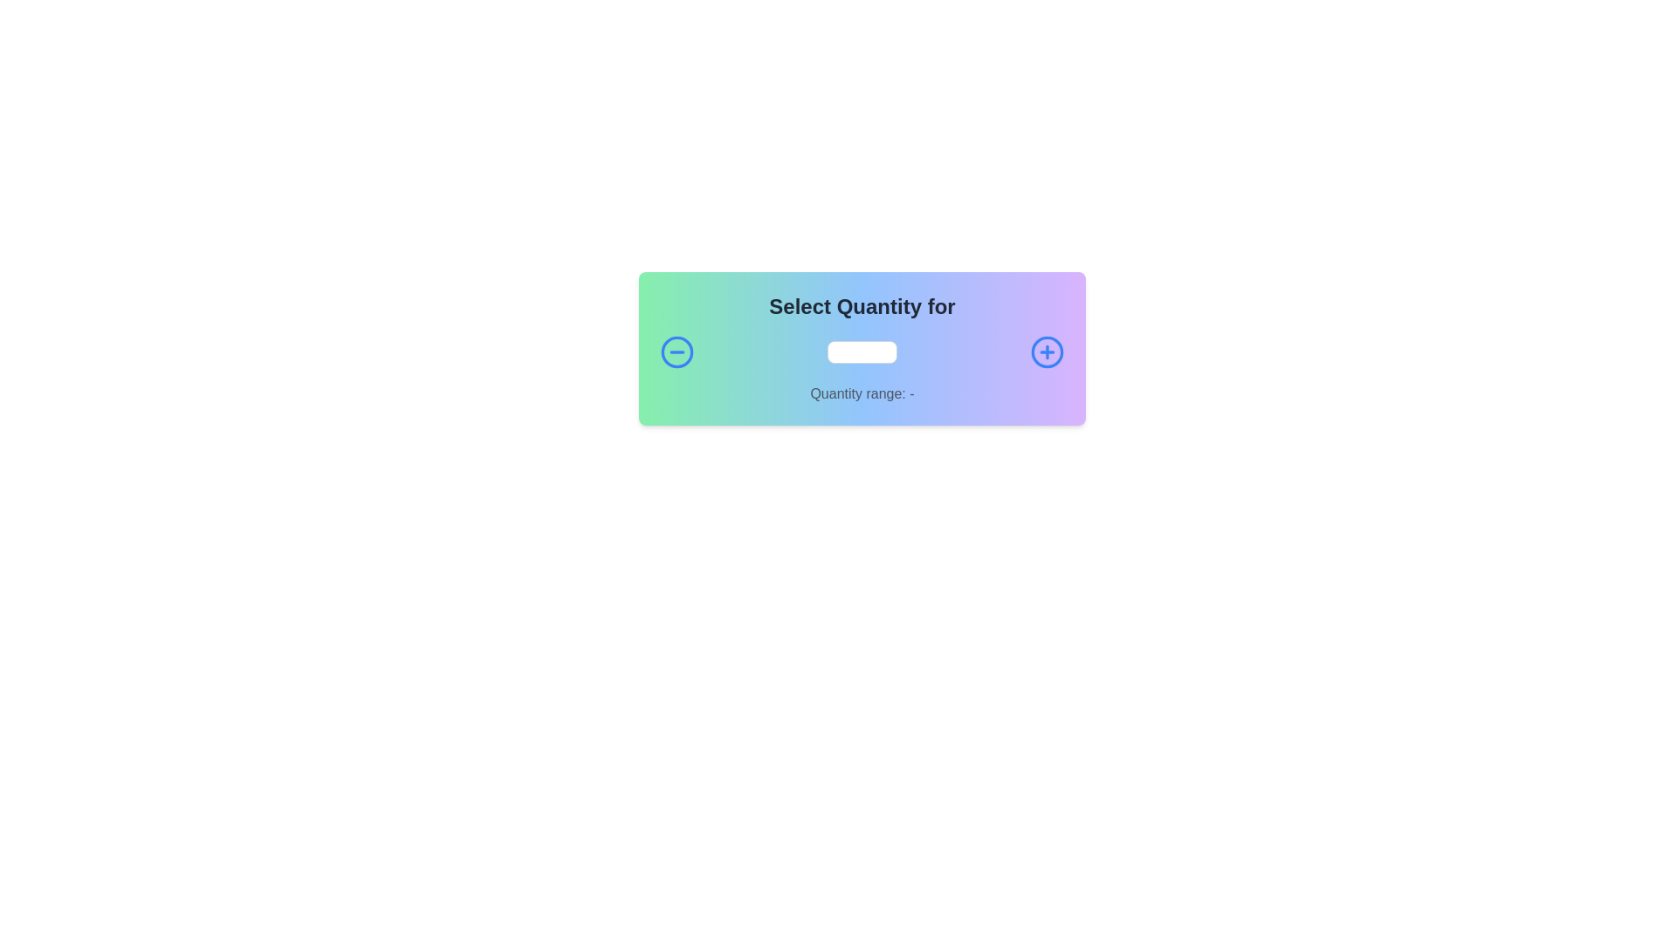 This screenshot has height=942, width=1676. Describe the element at coordinates (677, 352) in the screenshot. I see `the circular minus button with a blue outline, located to the left of the label 'Select Quantity for' in the card-like interface` at that location.